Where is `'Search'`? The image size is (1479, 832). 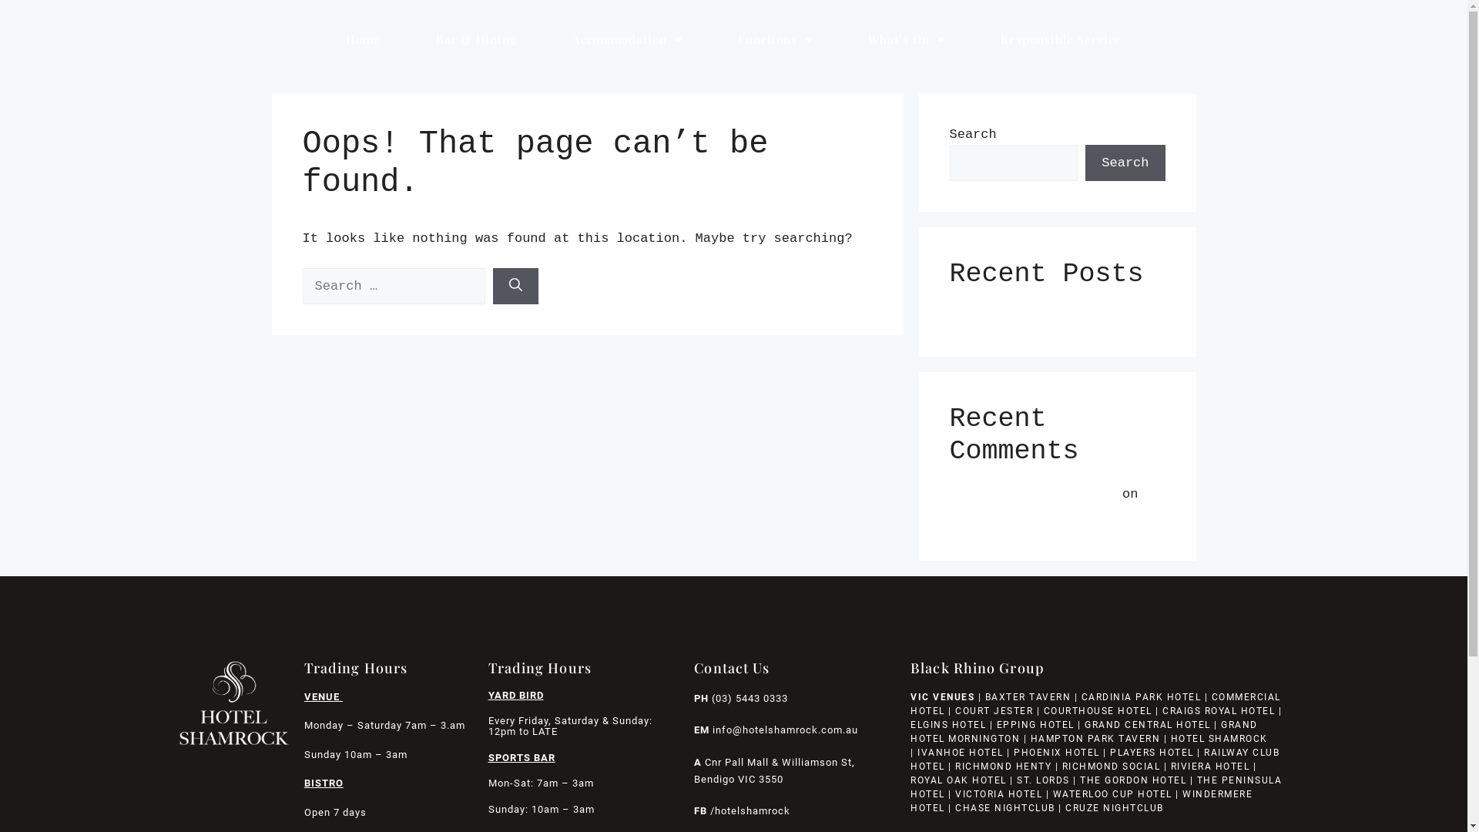
'Search' is located at coordinates (1085, 163).